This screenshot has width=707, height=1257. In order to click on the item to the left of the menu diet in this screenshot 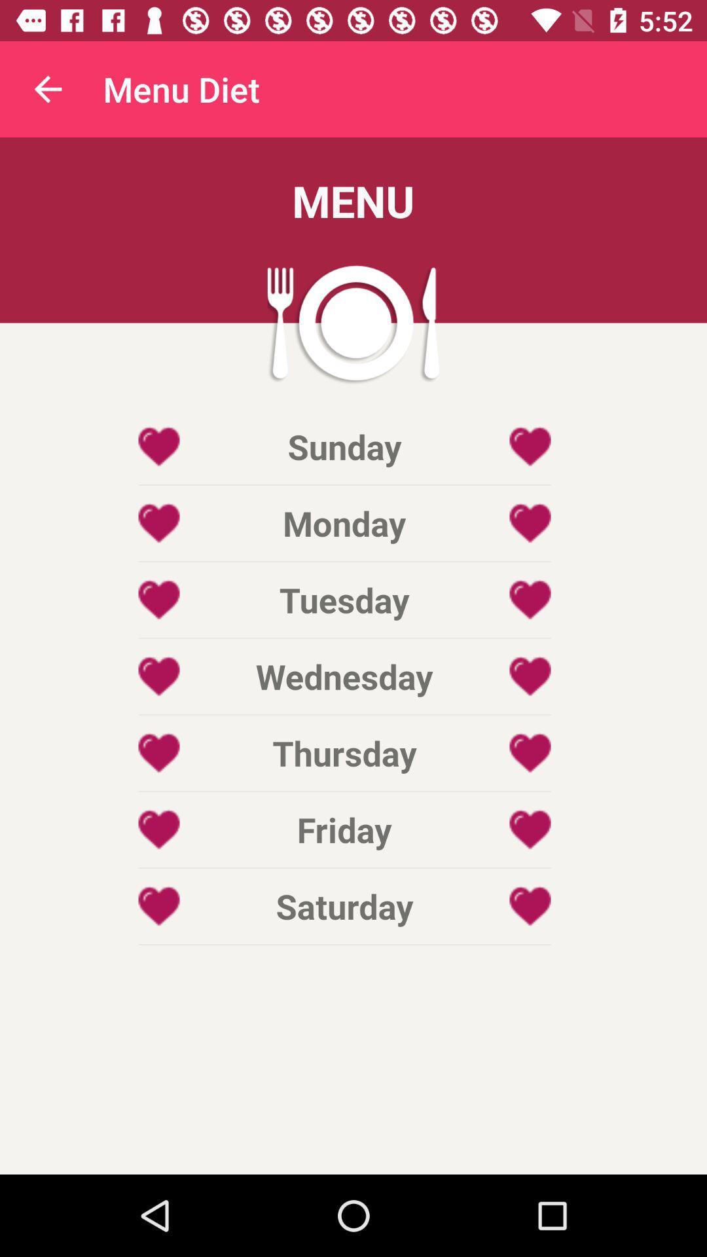, I will do `click(47, 88)`.